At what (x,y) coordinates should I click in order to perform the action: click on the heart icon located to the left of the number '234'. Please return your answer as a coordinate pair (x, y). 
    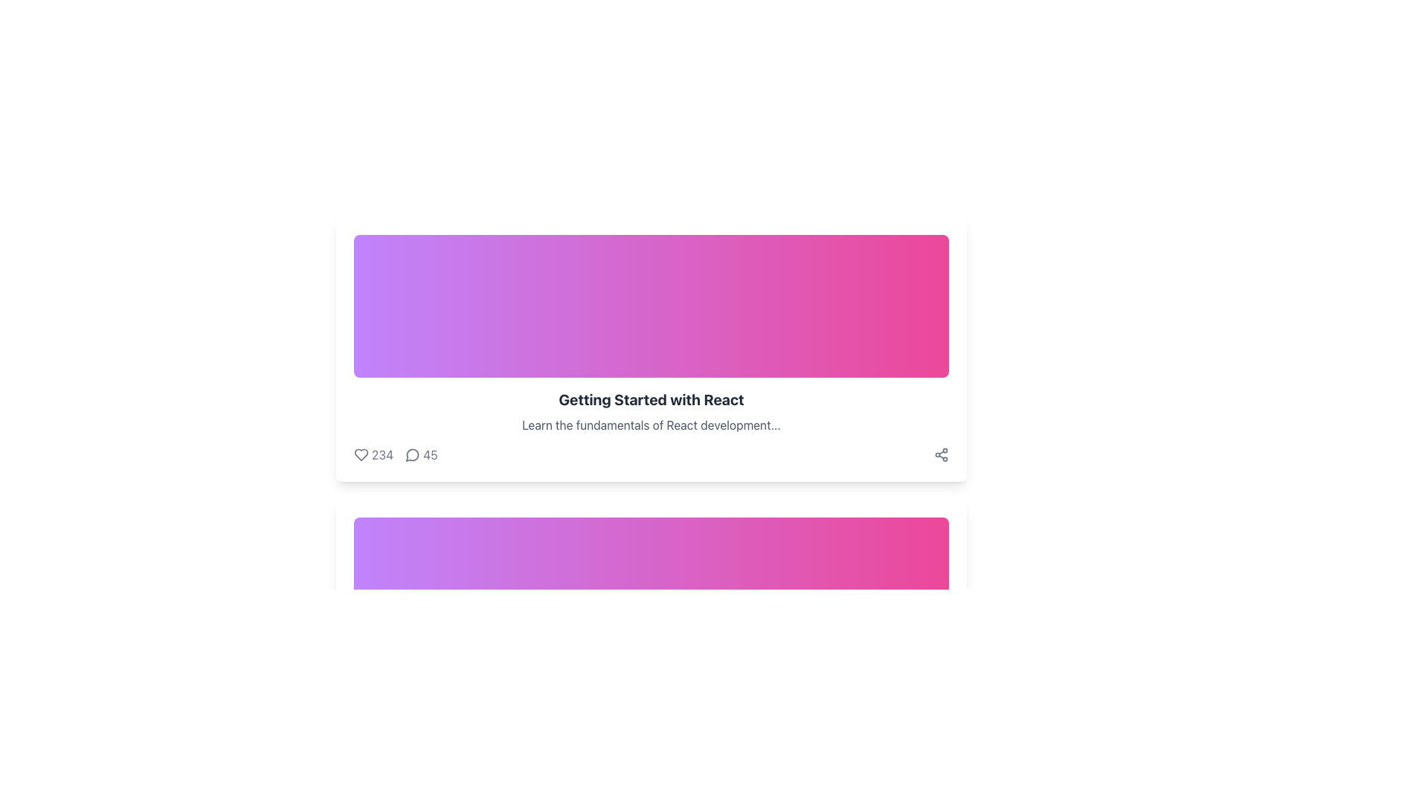
    Looking at the image, I should click on (361, 454).